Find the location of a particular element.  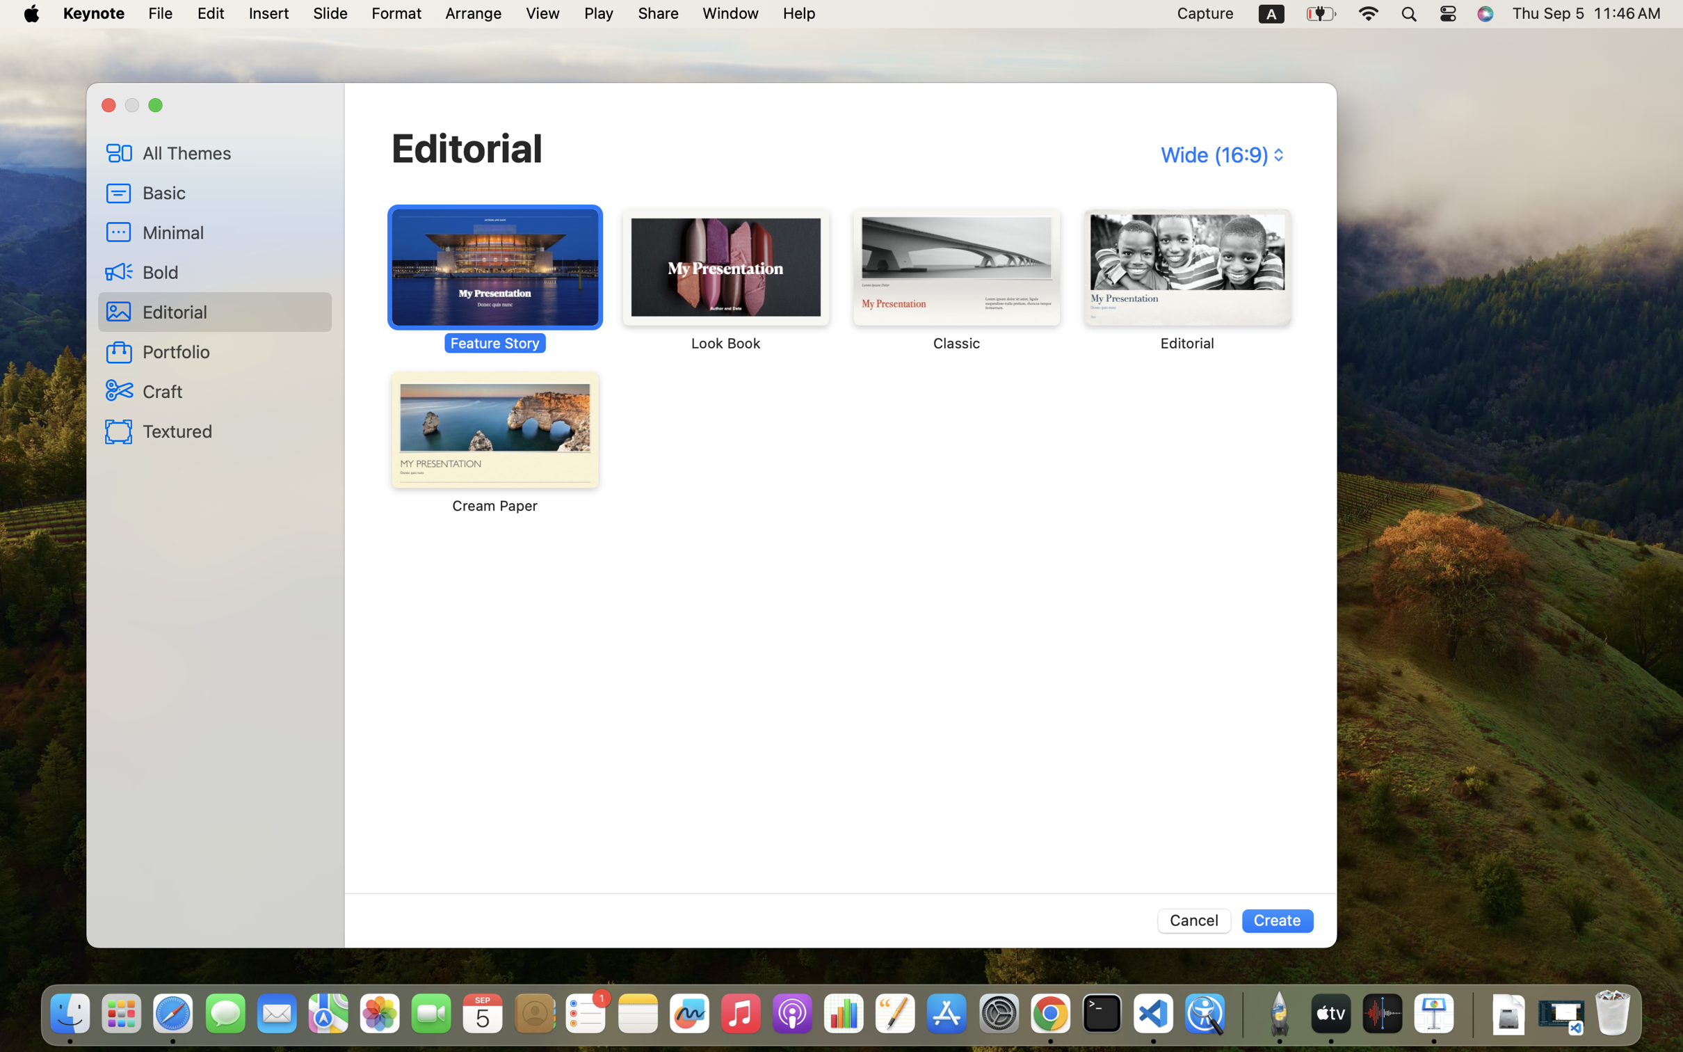

'Textured' is located at coordinates (232, 429).